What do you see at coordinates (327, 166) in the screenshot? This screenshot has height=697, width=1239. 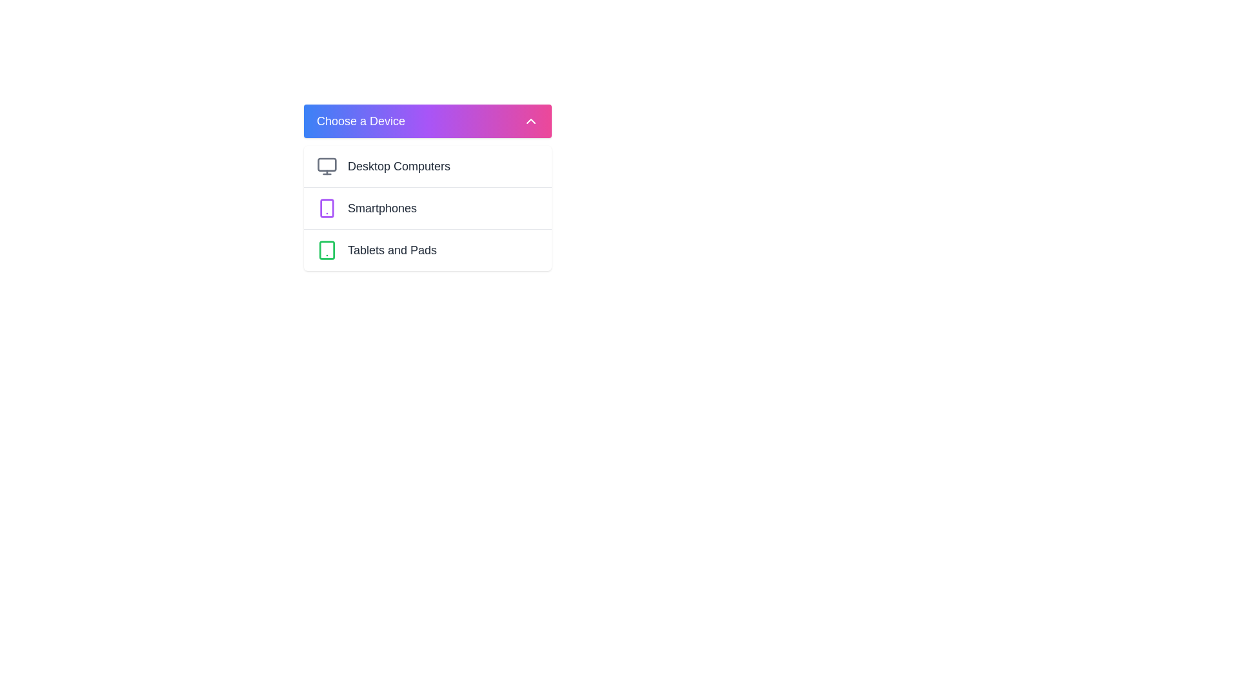 I see `the monitor icon representing the 'Desktop Computers' option in the category list to visually identify the category` at bounding box center [327, 166].